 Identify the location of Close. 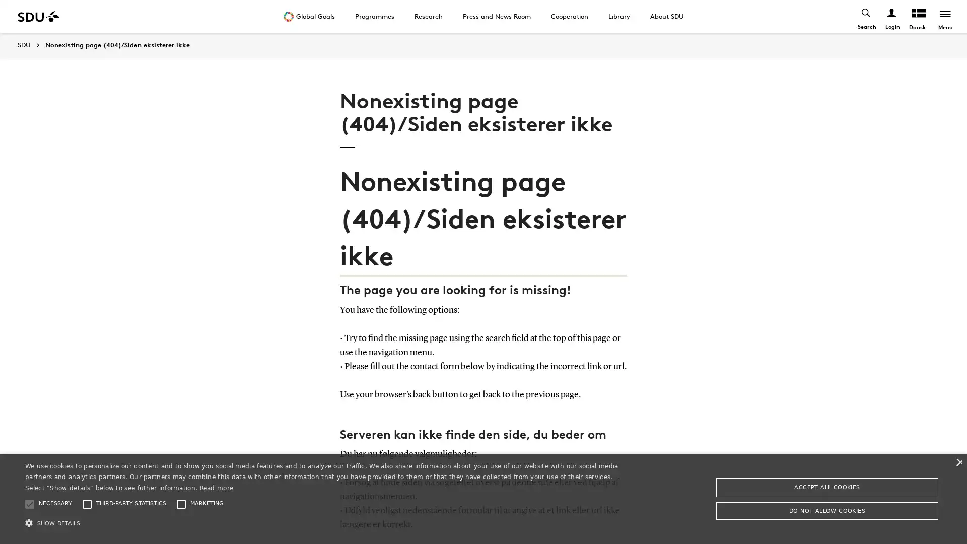
(957, 462).